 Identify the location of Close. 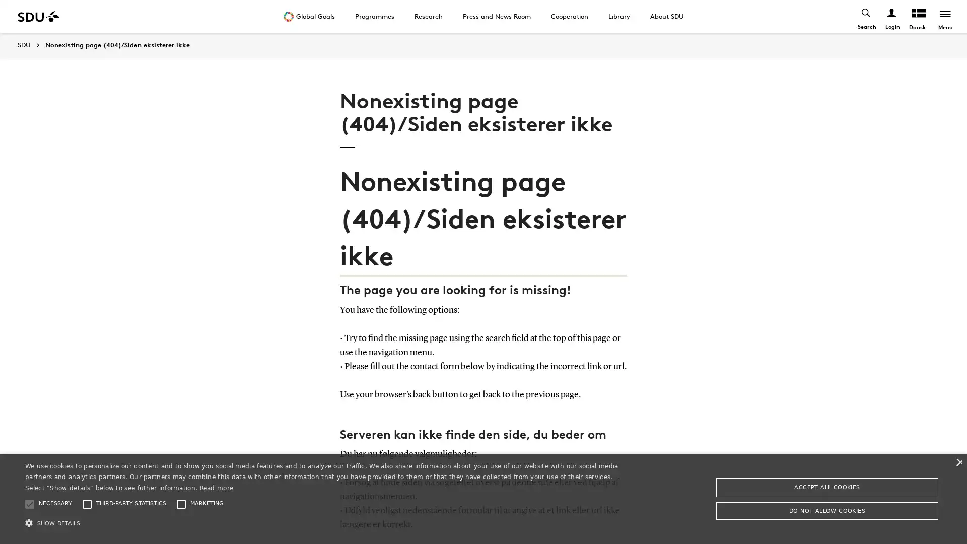
(957, 462).